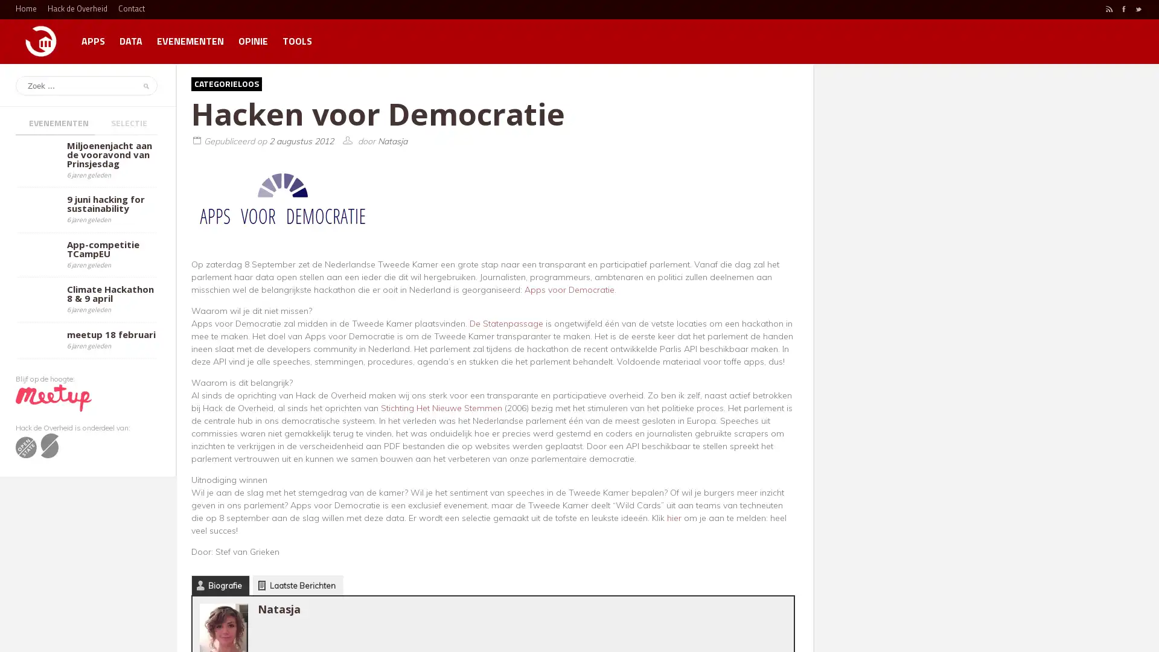 The height and width of the screenshot is (652, 1159). I want to click on Zoek, so click(144, 85).